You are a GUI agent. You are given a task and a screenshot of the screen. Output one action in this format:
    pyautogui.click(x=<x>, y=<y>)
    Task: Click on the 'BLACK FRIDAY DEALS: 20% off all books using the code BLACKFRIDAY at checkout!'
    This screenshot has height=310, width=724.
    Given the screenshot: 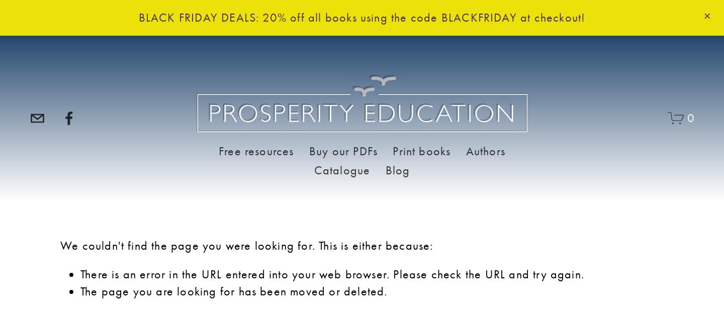 What is the action you would take?
    pyautogui.click(x=361, y=17)
    